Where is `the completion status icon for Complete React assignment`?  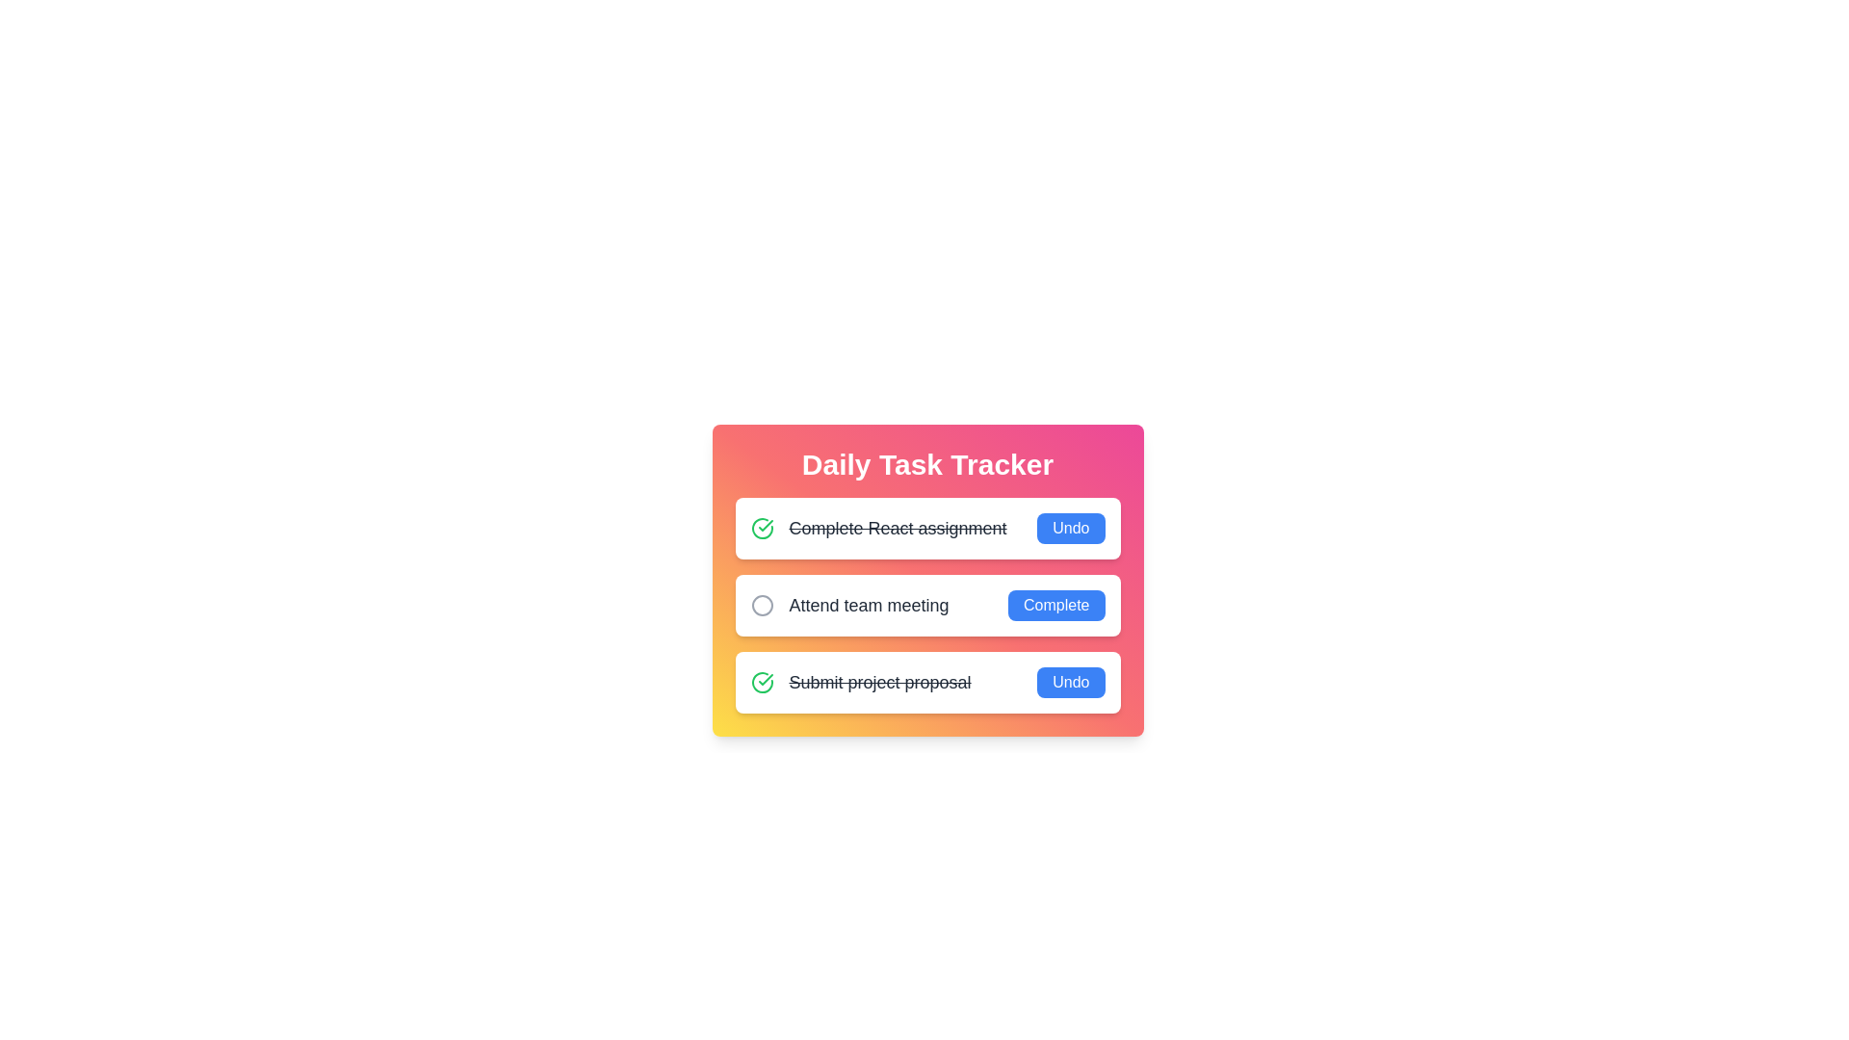 the completion status icon for Complete React assignment is located at coordinates (761, 528).